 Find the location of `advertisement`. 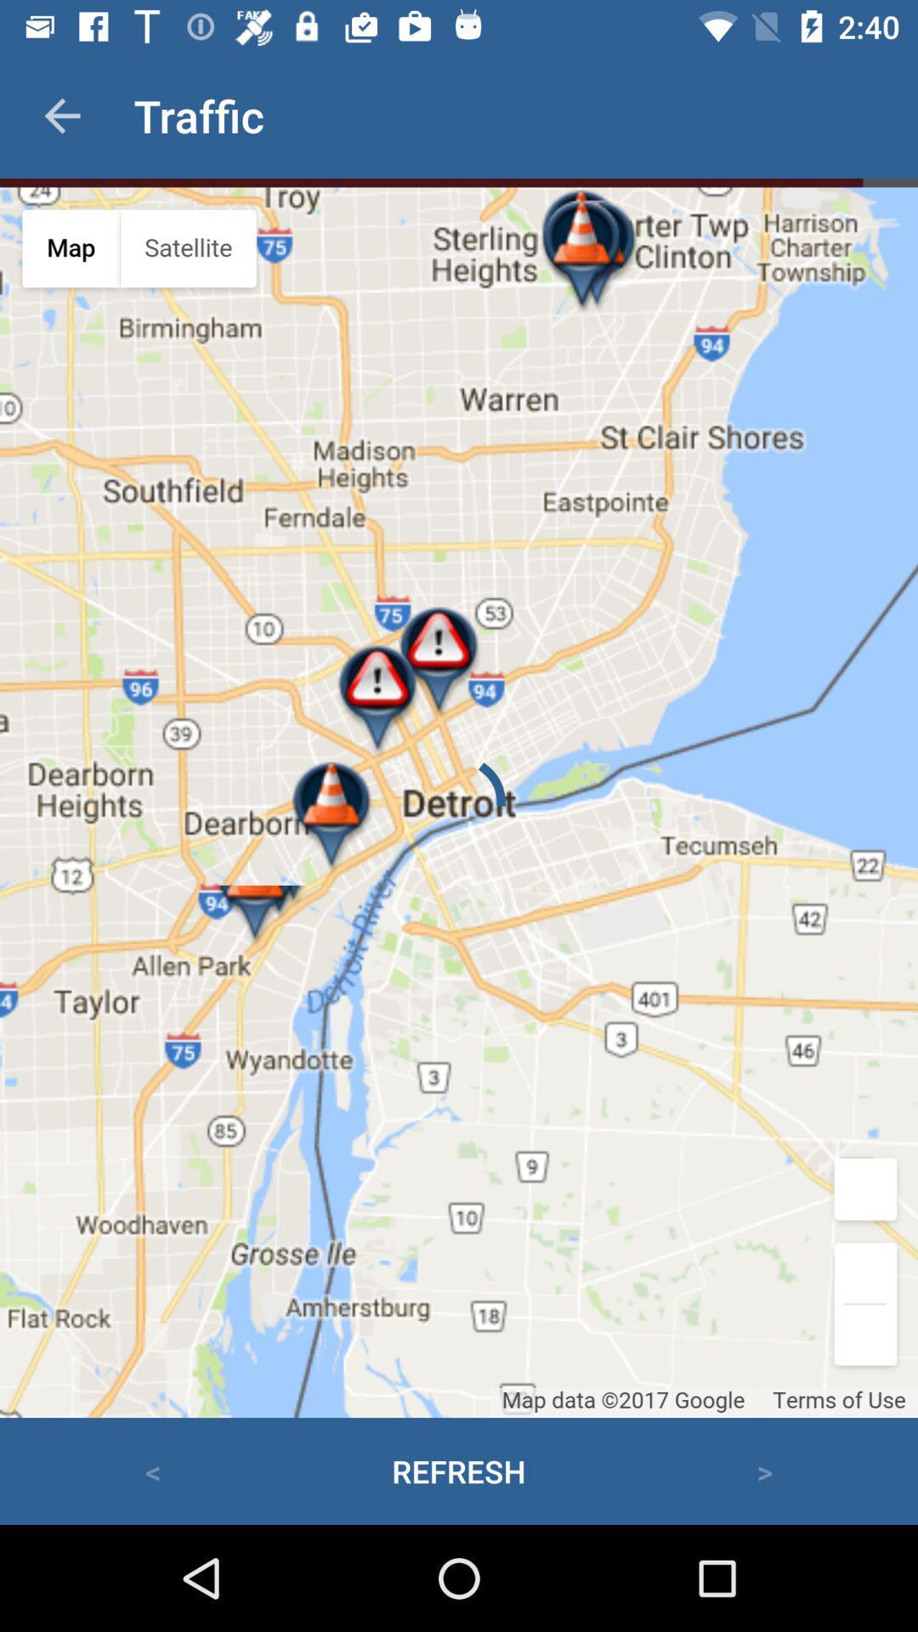

advertisement is located at coordinates (459, 802).